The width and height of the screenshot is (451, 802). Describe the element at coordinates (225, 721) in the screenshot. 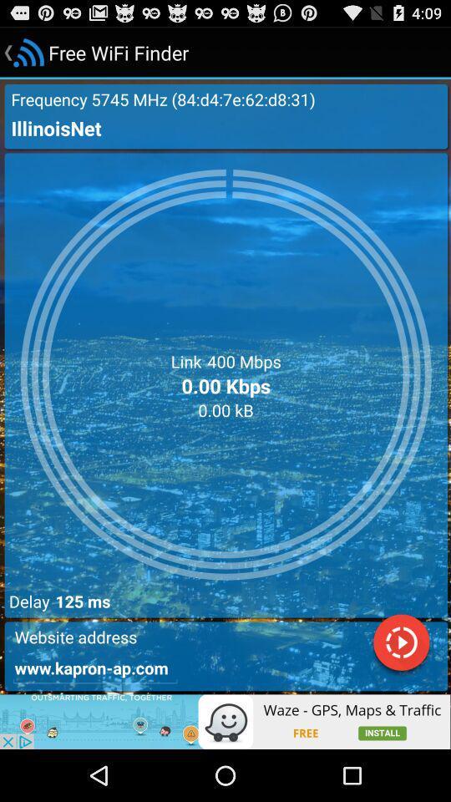

I see `advertisement banner` at that location.